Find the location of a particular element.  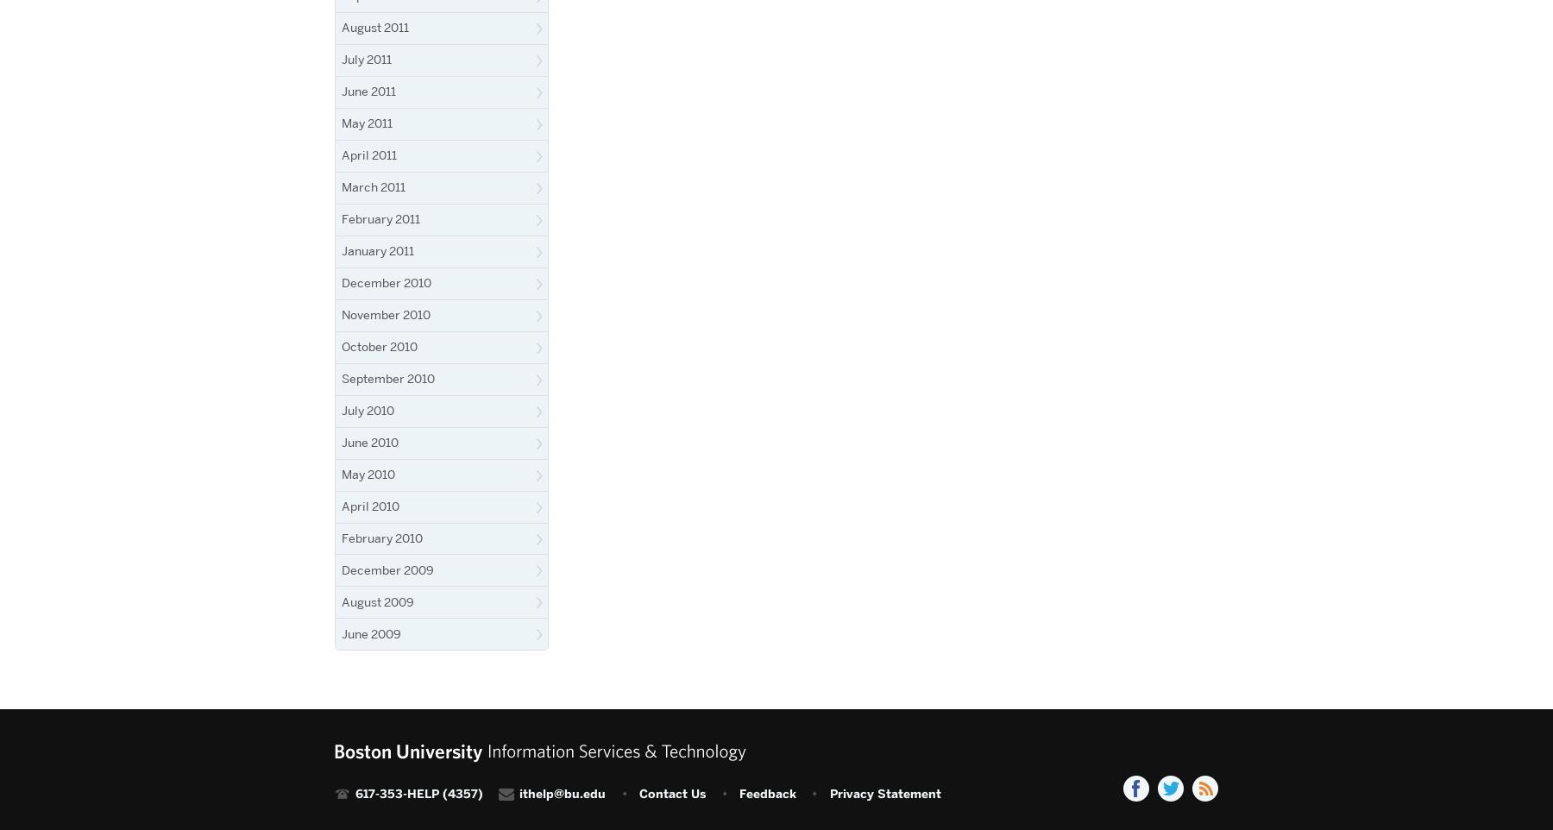

'September 2010' is located at coordinates (388, 377).